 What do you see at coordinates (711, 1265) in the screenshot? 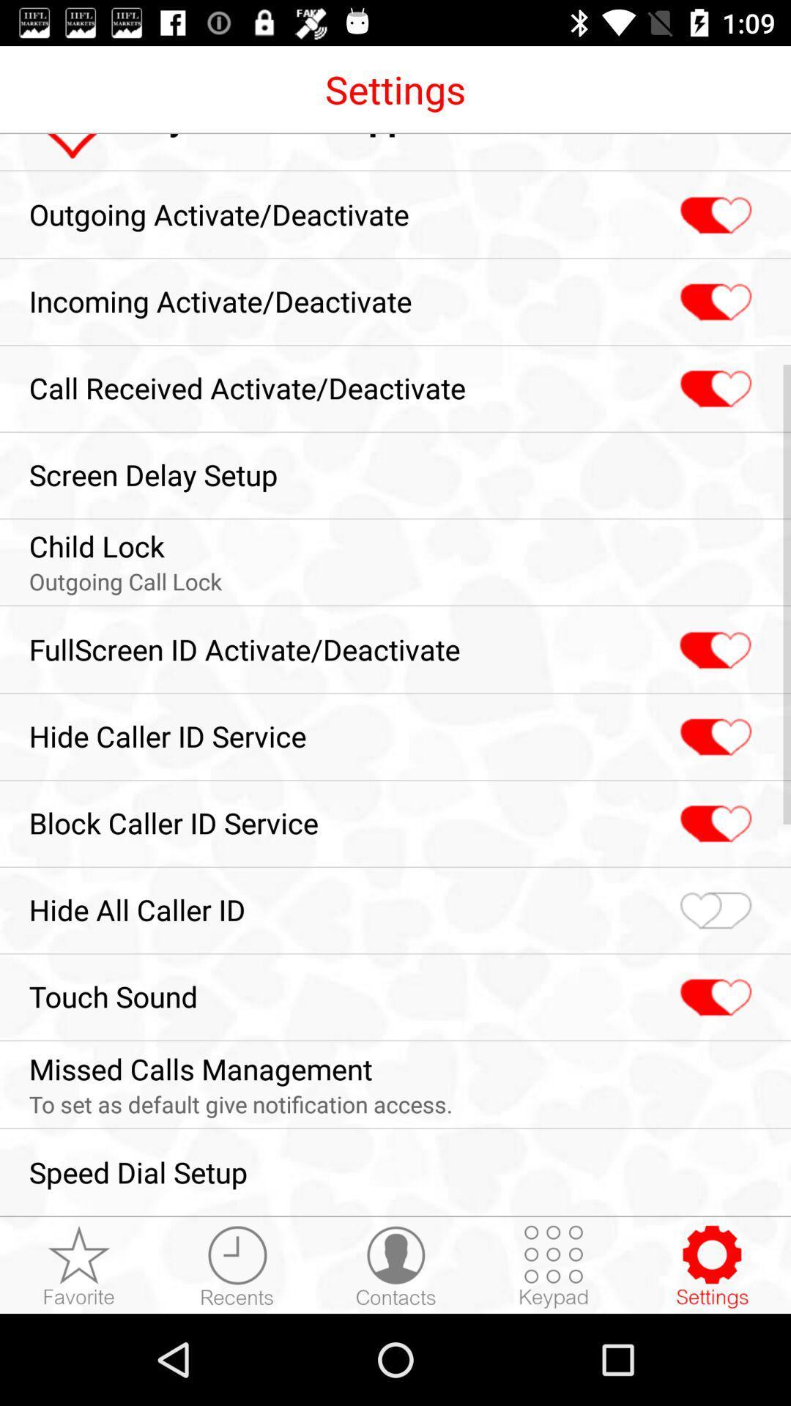
I see `the settings icon` at bounding box center [711, 1265].